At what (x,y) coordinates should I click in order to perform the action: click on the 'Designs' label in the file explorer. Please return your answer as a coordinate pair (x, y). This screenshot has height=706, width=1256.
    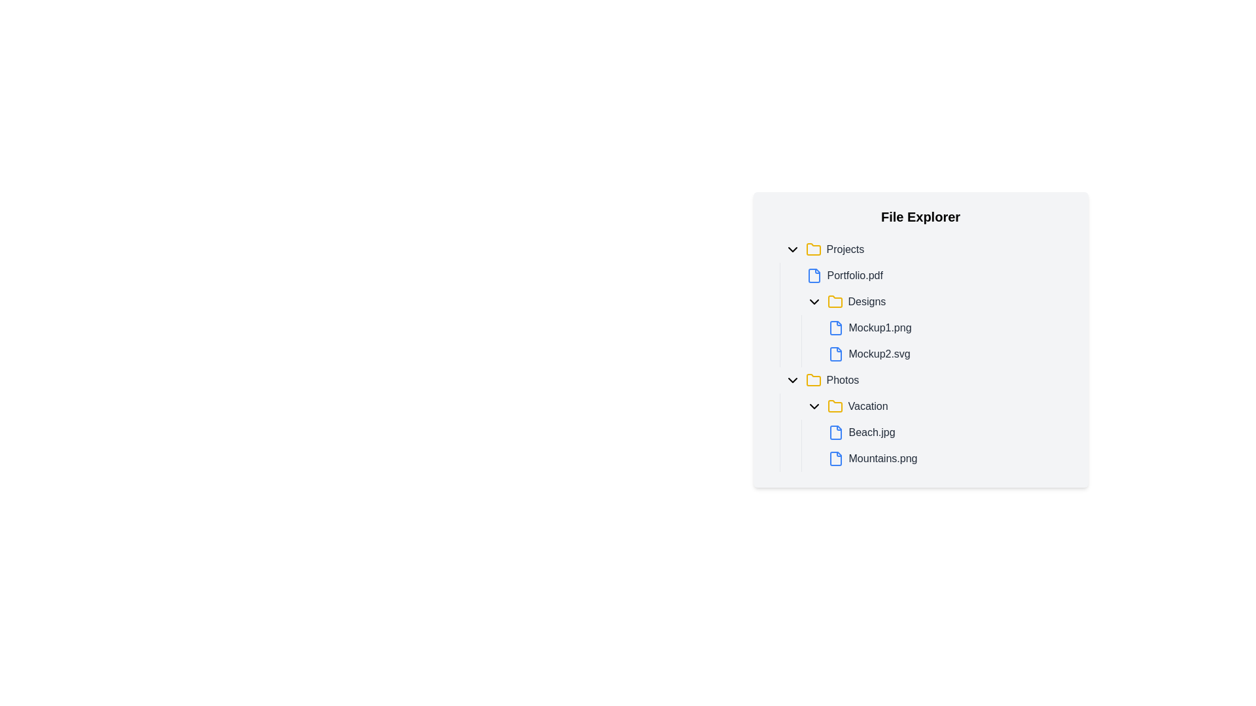
    Looking at the image, I should click on (867, 302).